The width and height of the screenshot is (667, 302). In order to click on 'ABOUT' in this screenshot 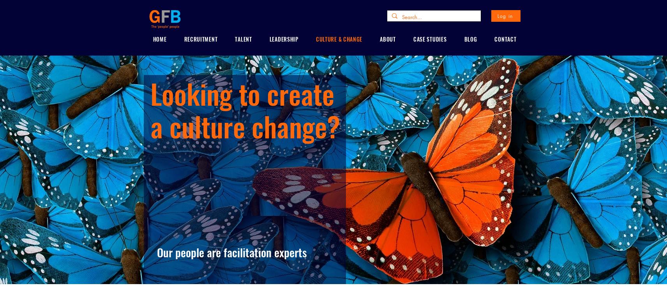, I will do `click(387, 38)`.